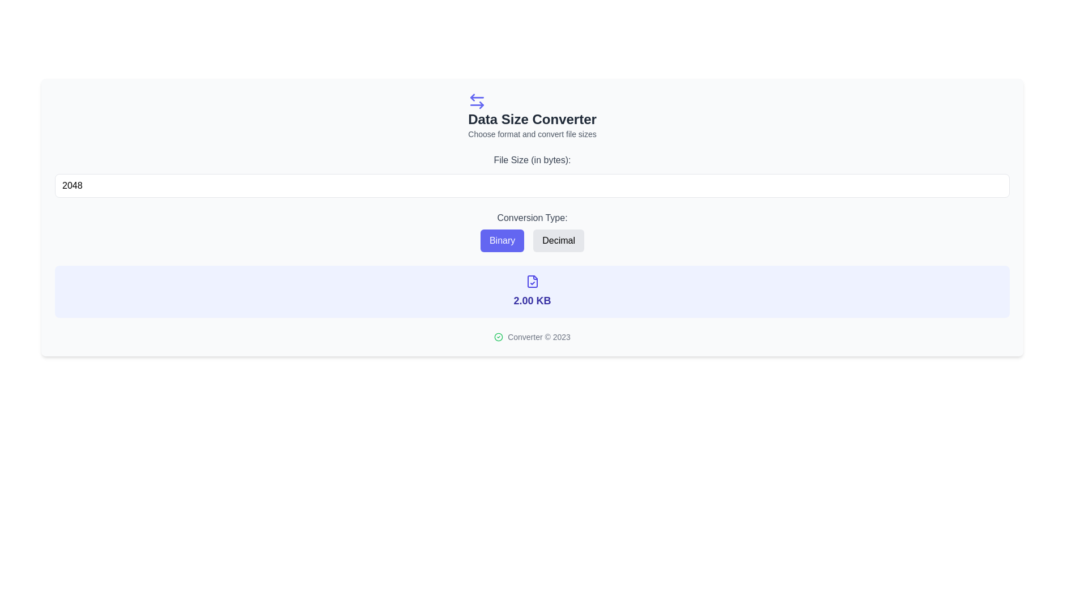 Image resolution: width=1088 pixels, height=612 pixels. I want to click on the leftmost component of the file/document icon group, which visually aids in conveying the concept of files or documents, located below the 'Decimal' and 'Binary' buttons and above the text '2.00 KB', so click(532, 281).